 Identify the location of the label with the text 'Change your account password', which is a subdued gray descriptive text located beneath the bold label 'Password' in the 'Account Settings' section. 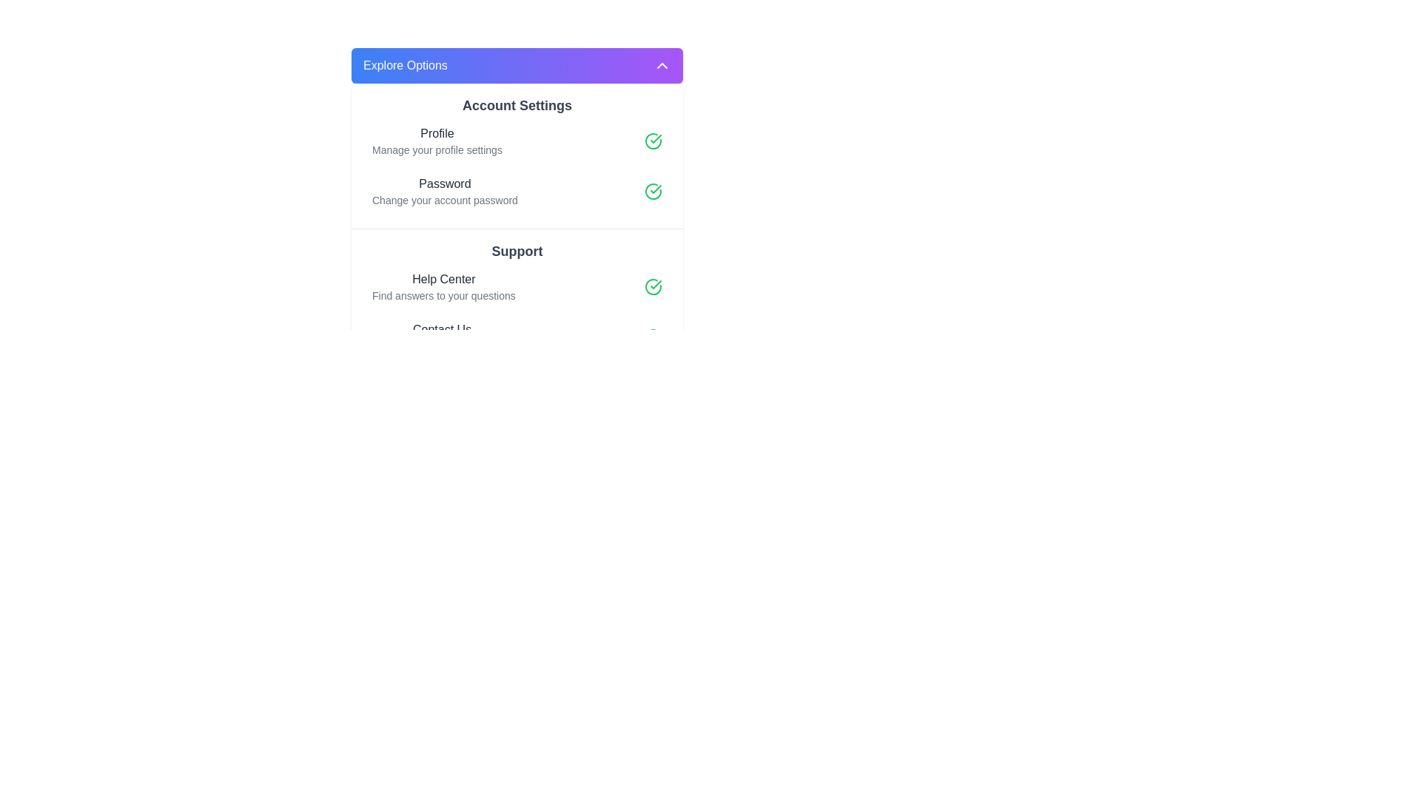
(444, 200).